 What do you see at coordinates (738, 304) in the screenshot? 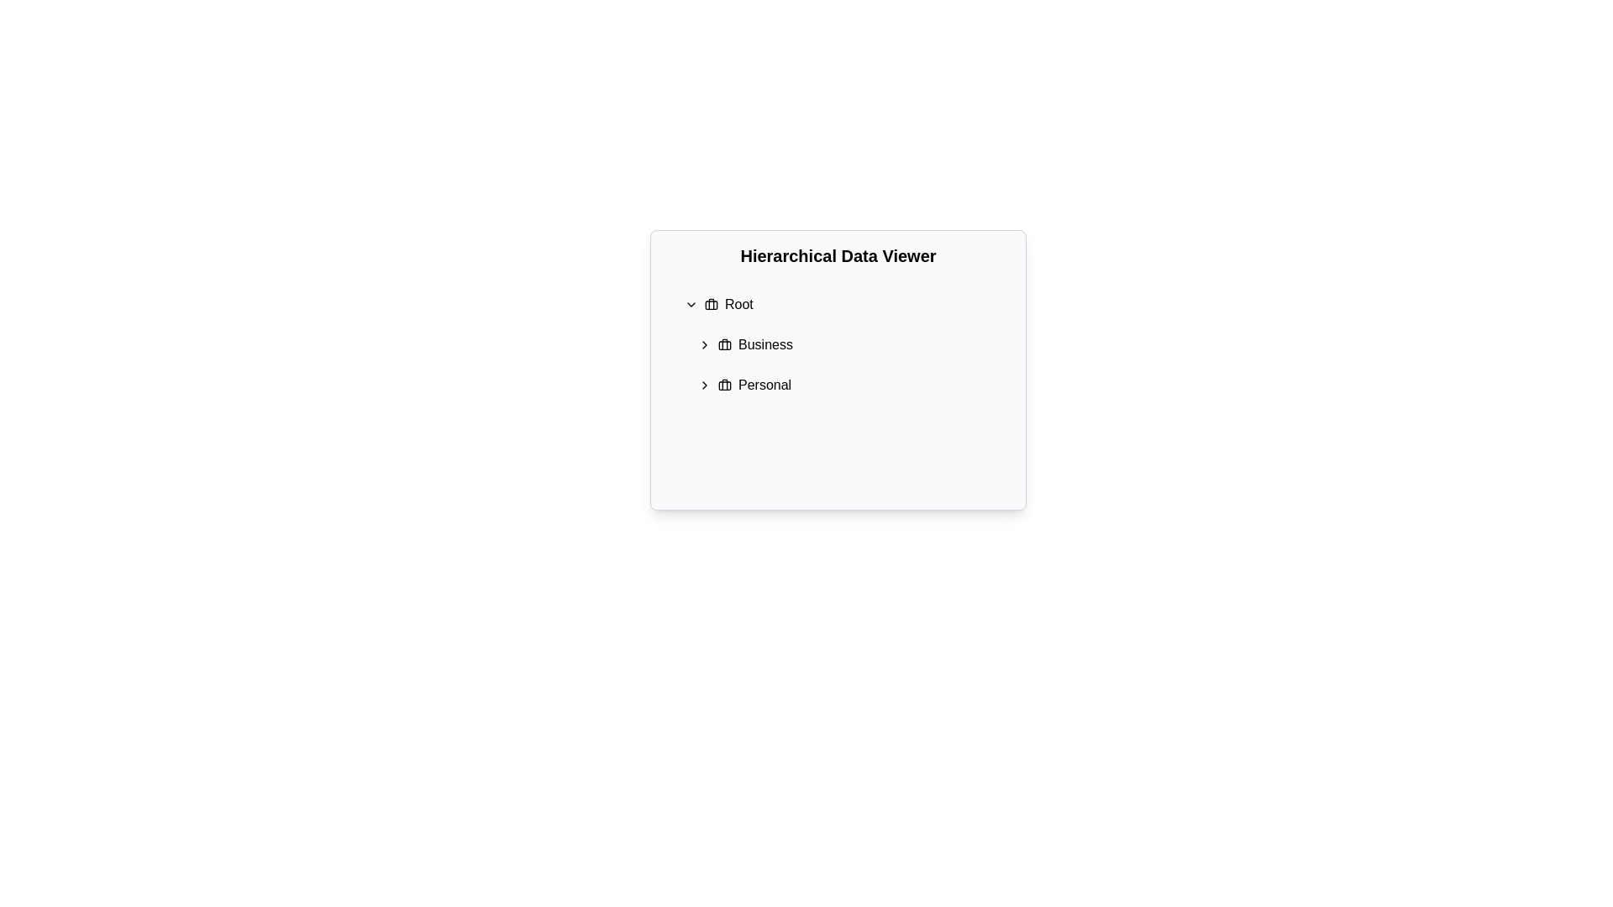
I see `the static text label for the root node in the hierarchical data viewer, located in the top-left corner under the header text` at bounding box center [738, 304].